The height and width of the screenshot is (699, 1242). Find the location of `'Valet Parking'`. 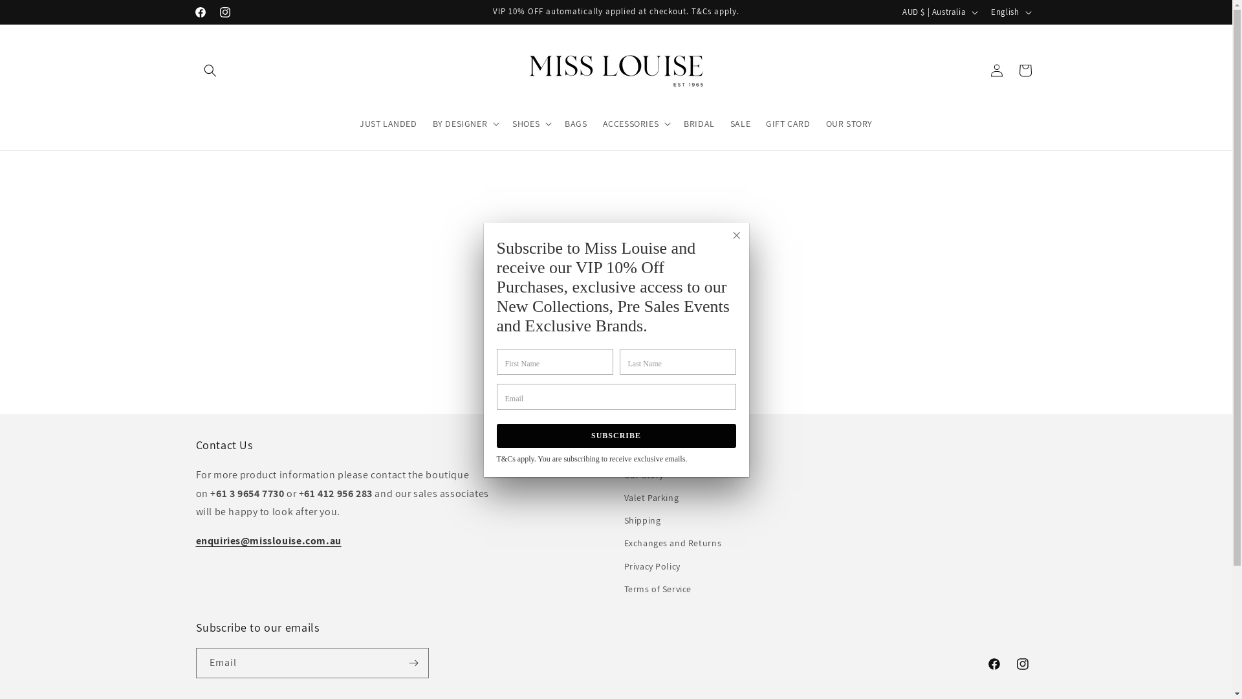

'Valet Parking' is located at coordinates (651, 497).